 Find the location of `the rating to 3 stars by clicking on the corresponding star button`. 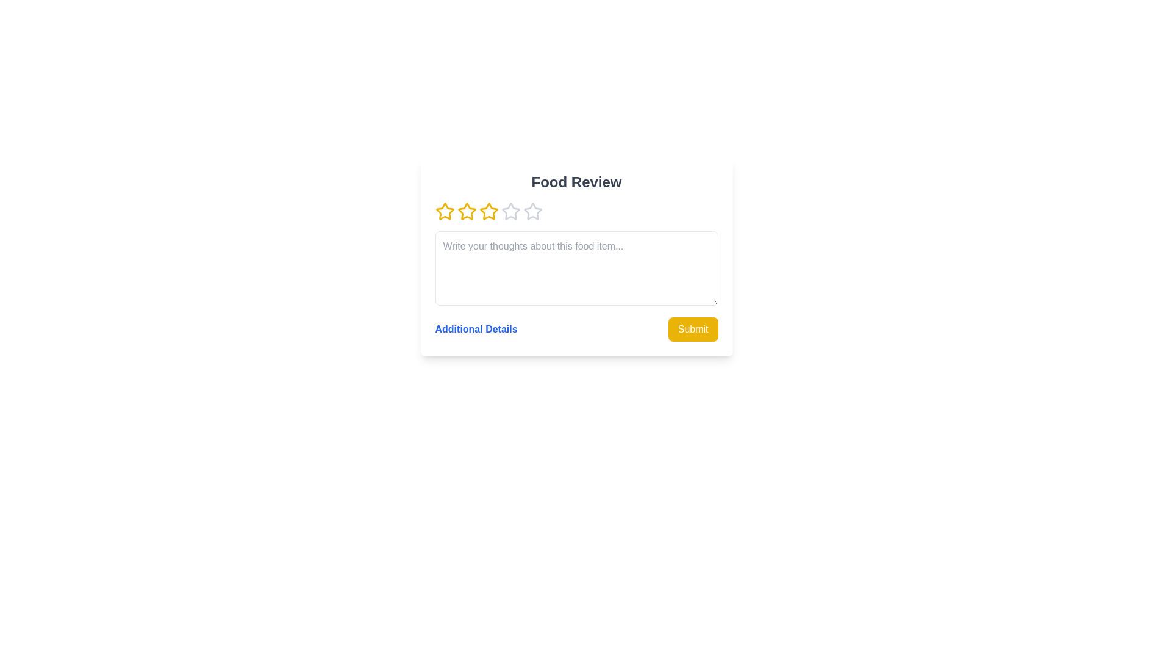

the rating to 3 stars by clicking on the corresponding star button is located at coordinates (489, 211).